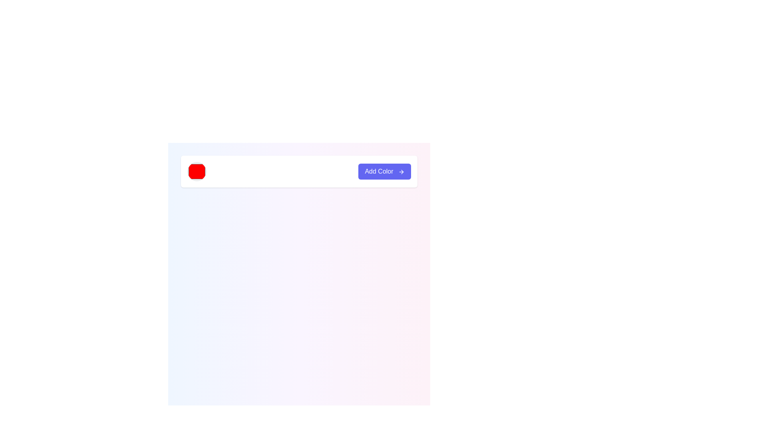  I want to click on the circular color display from the composite UI component that includes a color selector, label area, and 'Add Color' button, so click(298, 176).